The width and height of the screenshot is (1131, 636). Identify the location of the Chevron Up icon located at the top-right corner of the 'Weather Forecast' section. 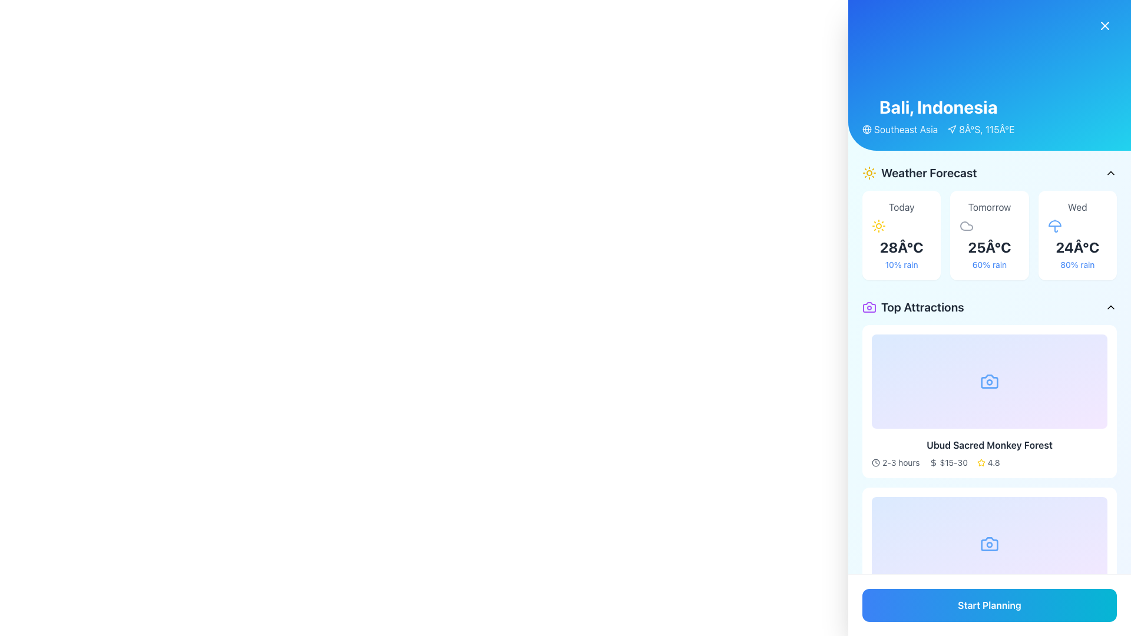
(1110, 173).